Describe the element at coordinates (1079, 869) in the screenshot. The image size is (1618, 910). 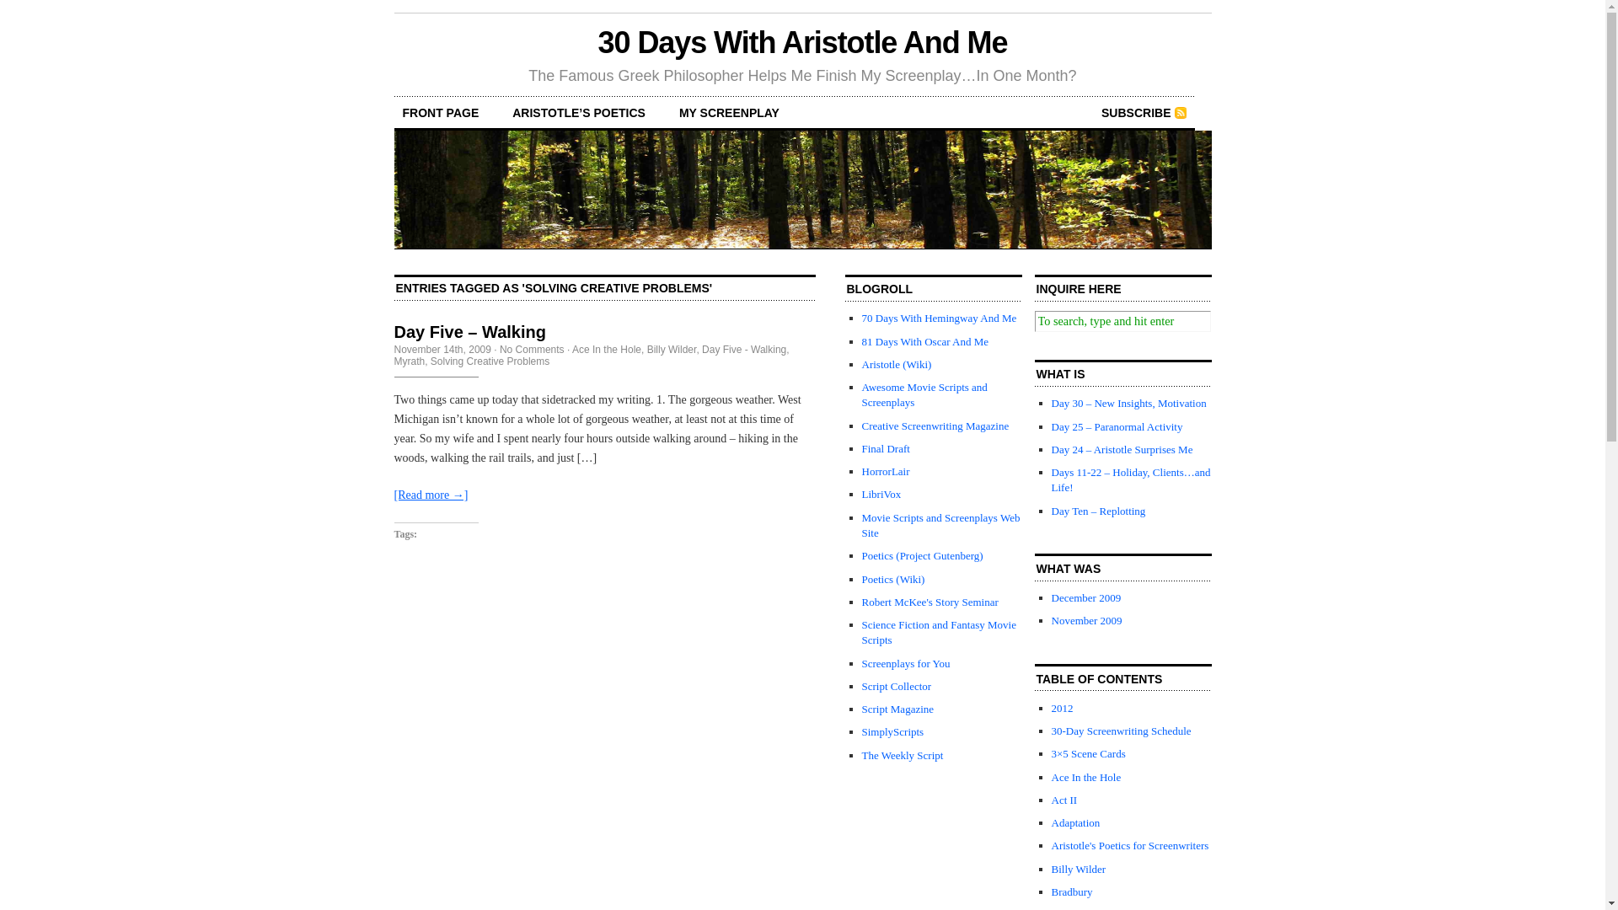
I see `'Billy Wilder'` at that location.